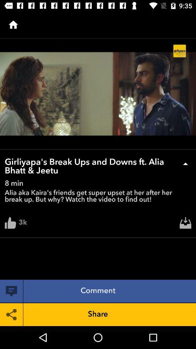 Image resolution: width=196 pixels, height=349 pixels. I want to click on item below the alia aka kaira item, so click(185, 224).